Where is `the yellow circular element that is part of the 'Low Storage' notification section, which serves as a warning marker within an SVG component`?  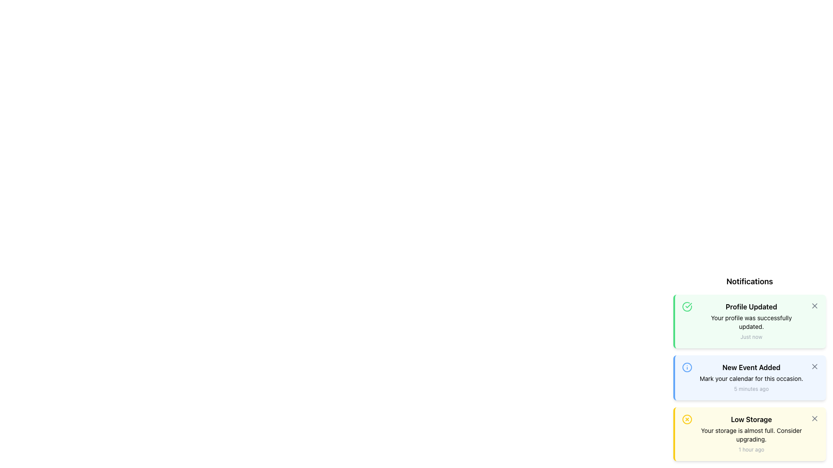
the yellow circular element that is part of the 'Low Storage' notification section, which serves as a warning marker within an SVG component is located at coordinates (687, 419).